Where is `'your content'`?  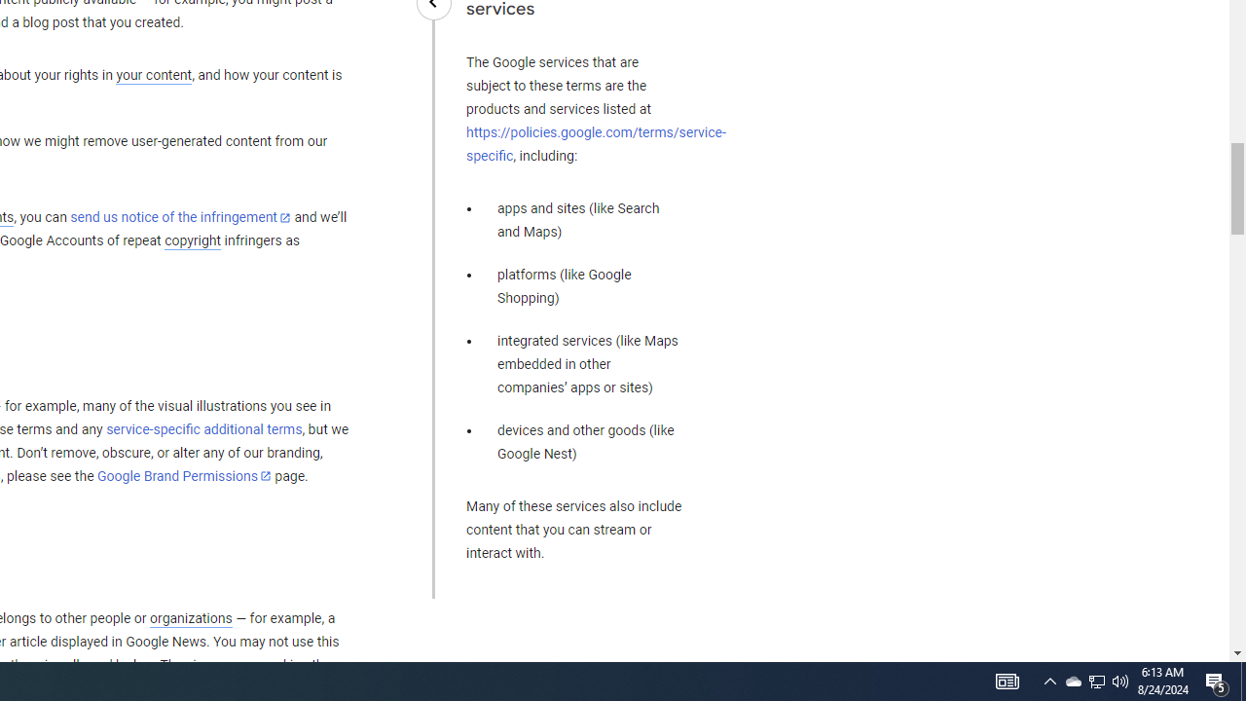
'your content' is located at coordinates (153, 75).